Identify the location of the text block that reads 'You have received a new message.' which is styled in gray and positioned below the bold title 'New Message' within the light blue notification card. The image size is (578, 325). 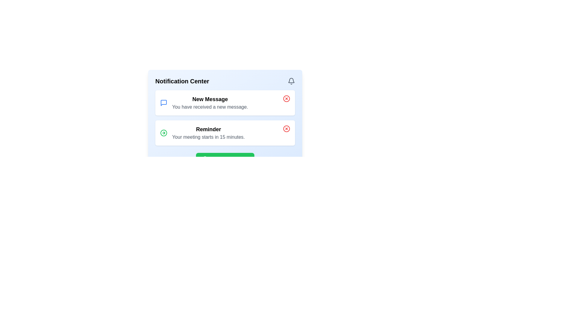
(210, 107).